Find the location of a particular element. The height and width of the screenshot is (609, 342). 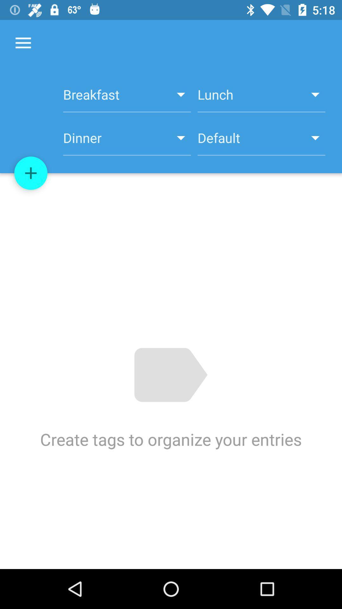

the item to the left of the default is located at coordinates (127, 141).